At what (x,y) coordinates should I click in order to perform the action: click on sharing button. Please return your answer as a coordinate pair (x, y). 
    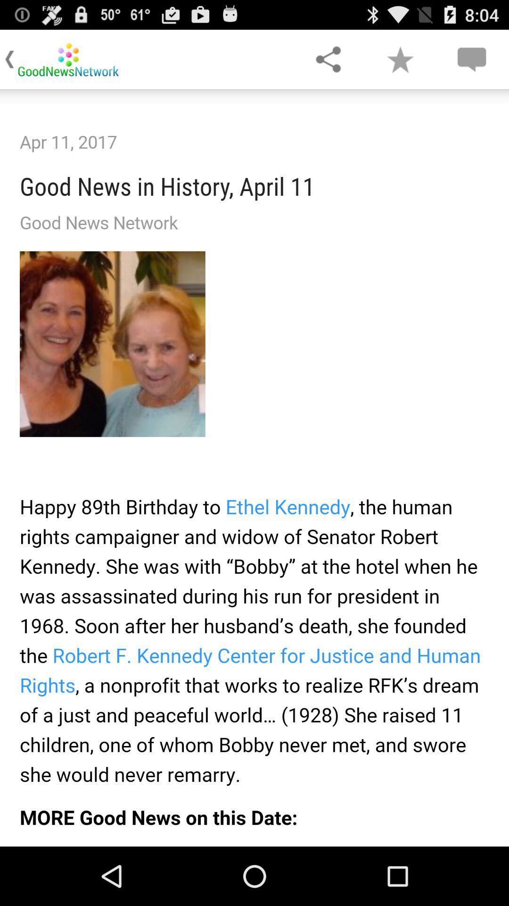
    Looking at the image, I should click on (328, 59).